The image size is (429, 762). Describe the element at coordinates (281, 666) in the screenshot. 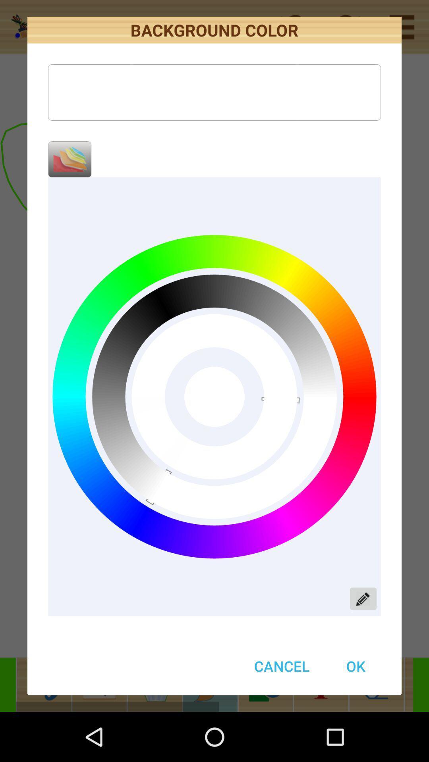

I see `the icon next to the ok` at that location.